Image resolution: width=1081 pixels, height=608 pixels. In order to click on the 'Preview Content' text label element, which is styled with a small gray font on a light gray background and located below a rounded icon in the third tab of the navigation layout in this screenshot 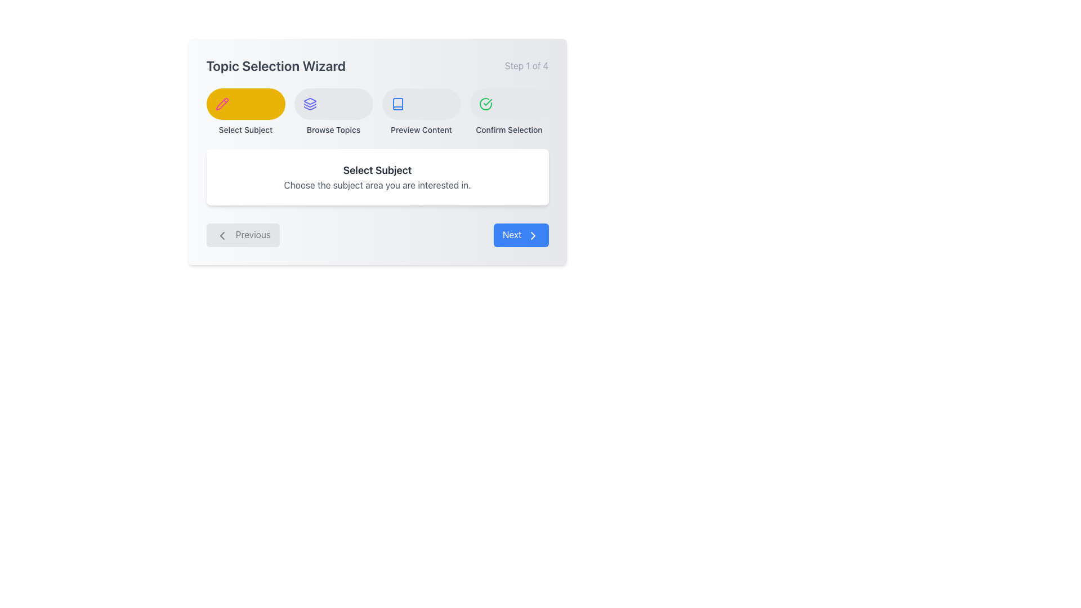, I will do `click(421, 129)`.